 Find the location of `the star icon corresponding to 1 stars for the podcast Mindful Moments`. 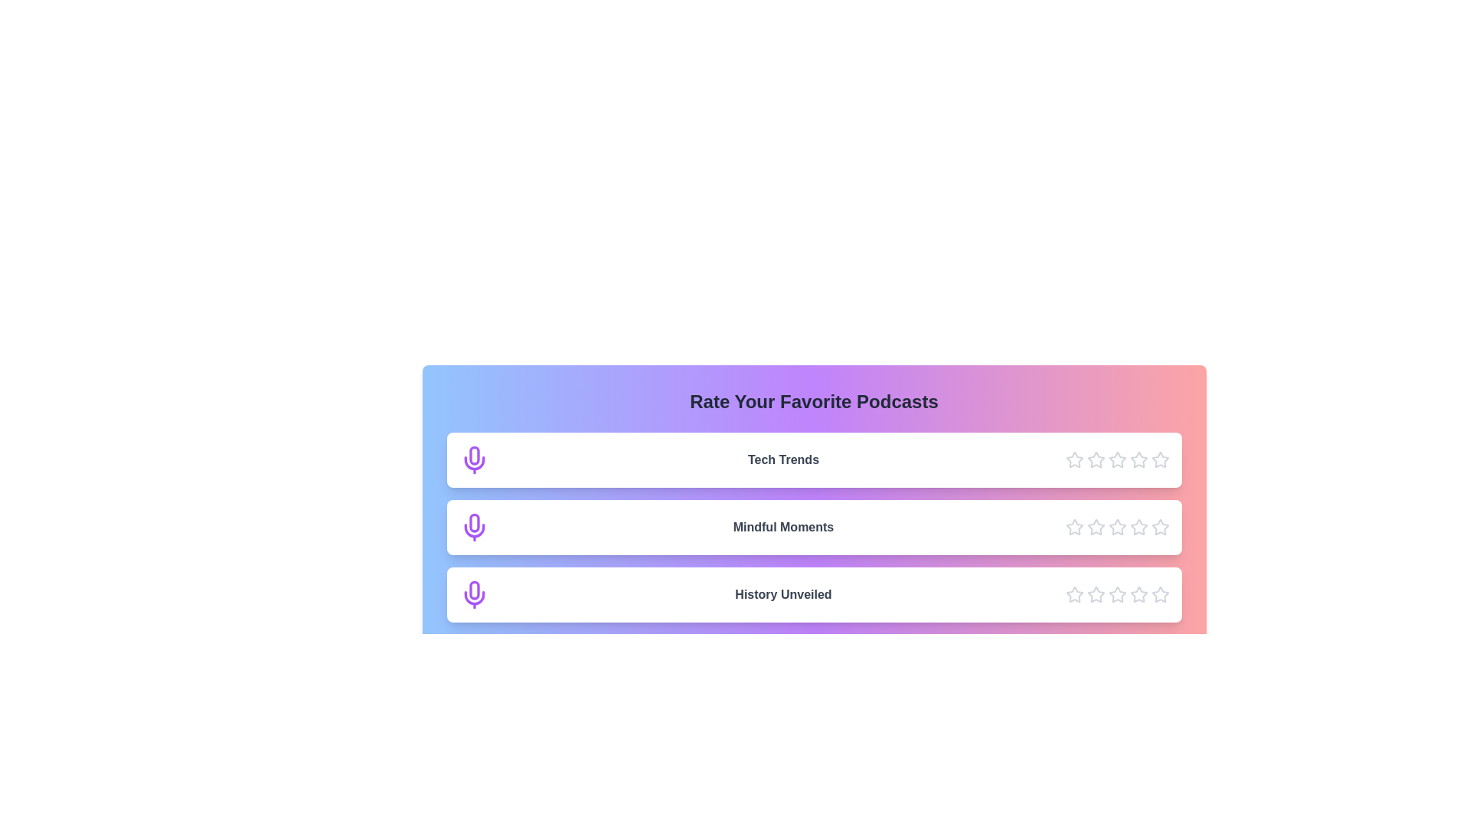

the star icon corresponding to 1 stars for the podcast Mindful Moments is located at coordinates (1073, 527).